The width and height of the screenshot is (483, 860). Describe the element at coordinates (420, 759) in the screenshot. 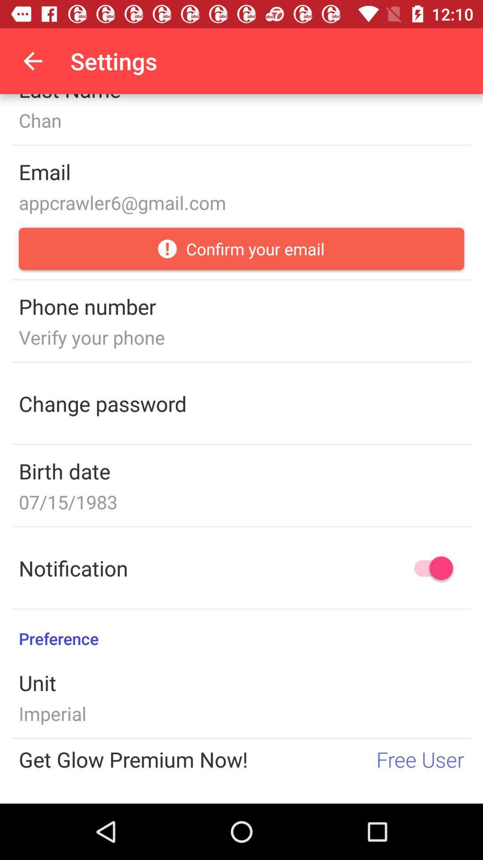

I see `the free user at the bottom right corner` at that location.